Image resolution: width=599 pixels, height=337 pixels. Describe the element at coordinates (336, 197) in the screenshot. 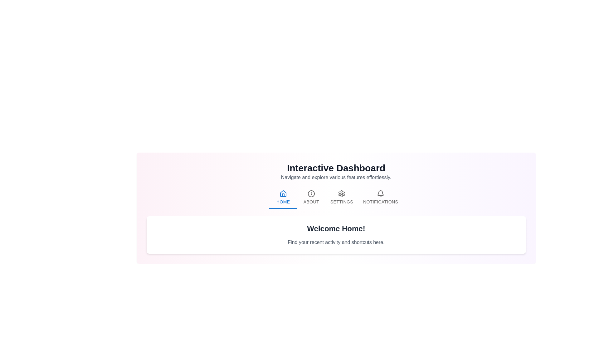

I see `the 'Settings' tab of the Horizontal Navigation Tab Bar` at that location.